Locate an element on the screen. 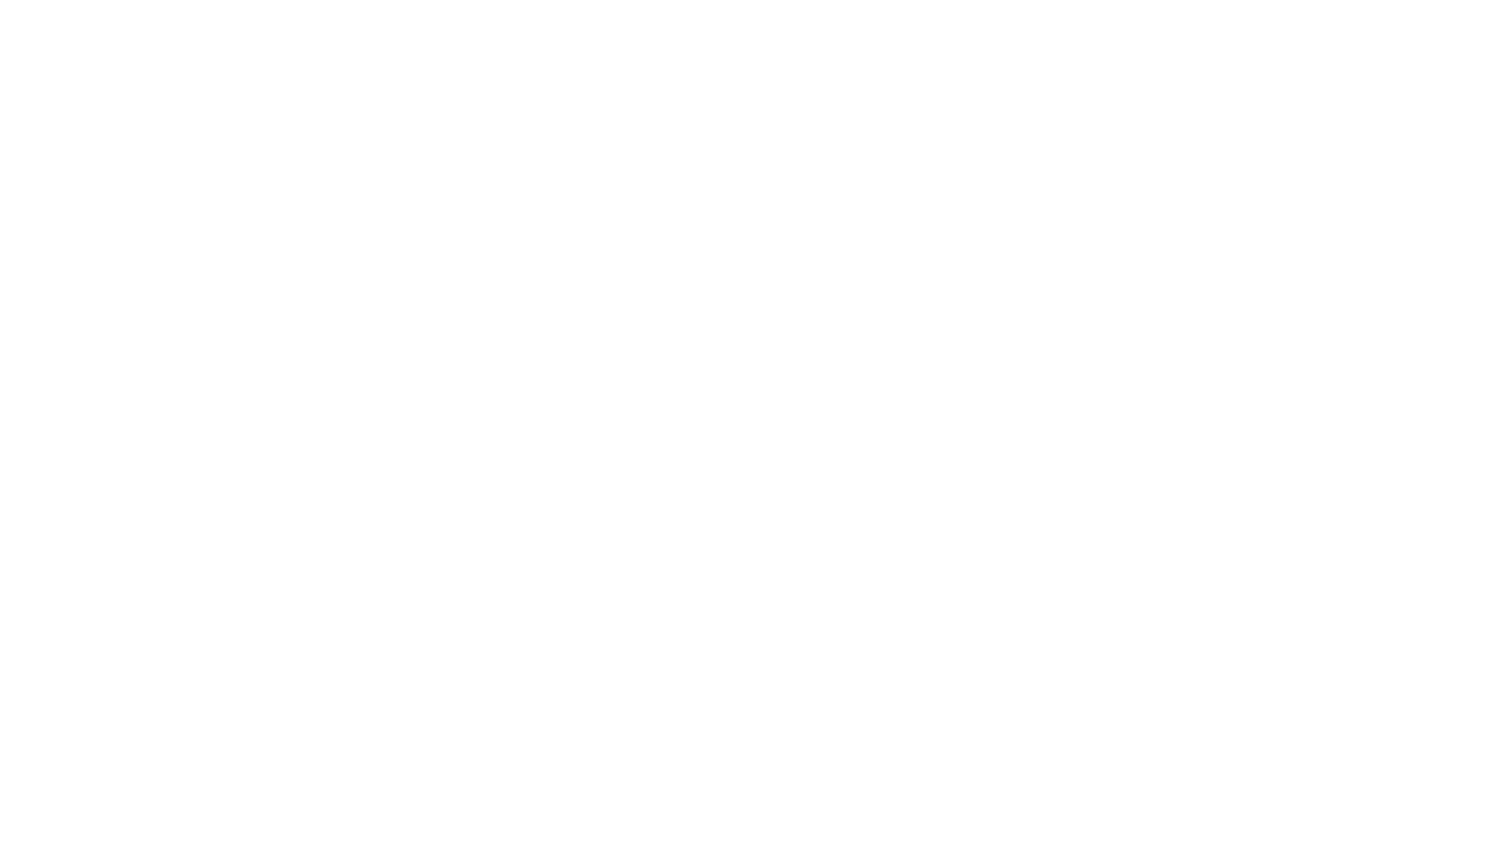  '©2023 Heart Hospital of New Mexico | Lovelace Medical Center' is located at coordinates (1346, 811).